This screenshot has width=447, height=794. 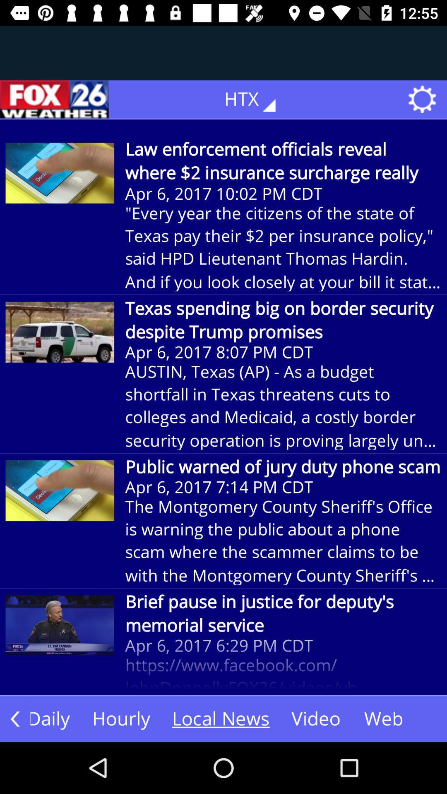 I want to click on the settings icon whichis on the top right corner of the page, so click(x=425, y=99).